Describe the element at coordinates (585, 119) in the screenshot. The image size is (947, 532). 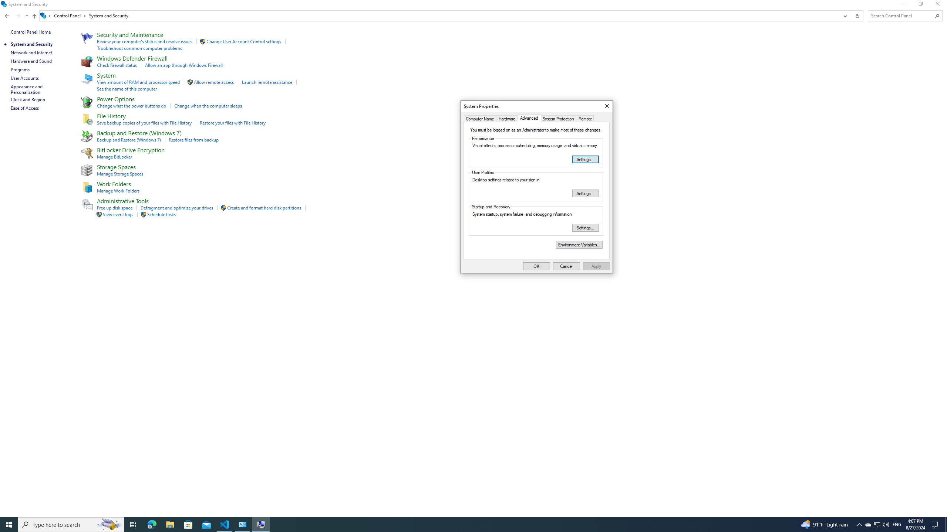
I see `'Remote'` at that location.